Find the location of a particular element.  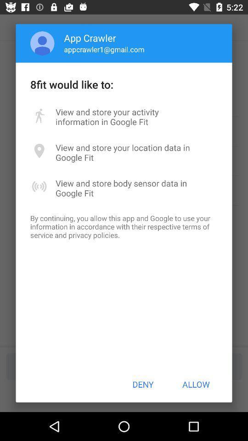

app above the 8fit would like icon is located at coordinates (42, 43).